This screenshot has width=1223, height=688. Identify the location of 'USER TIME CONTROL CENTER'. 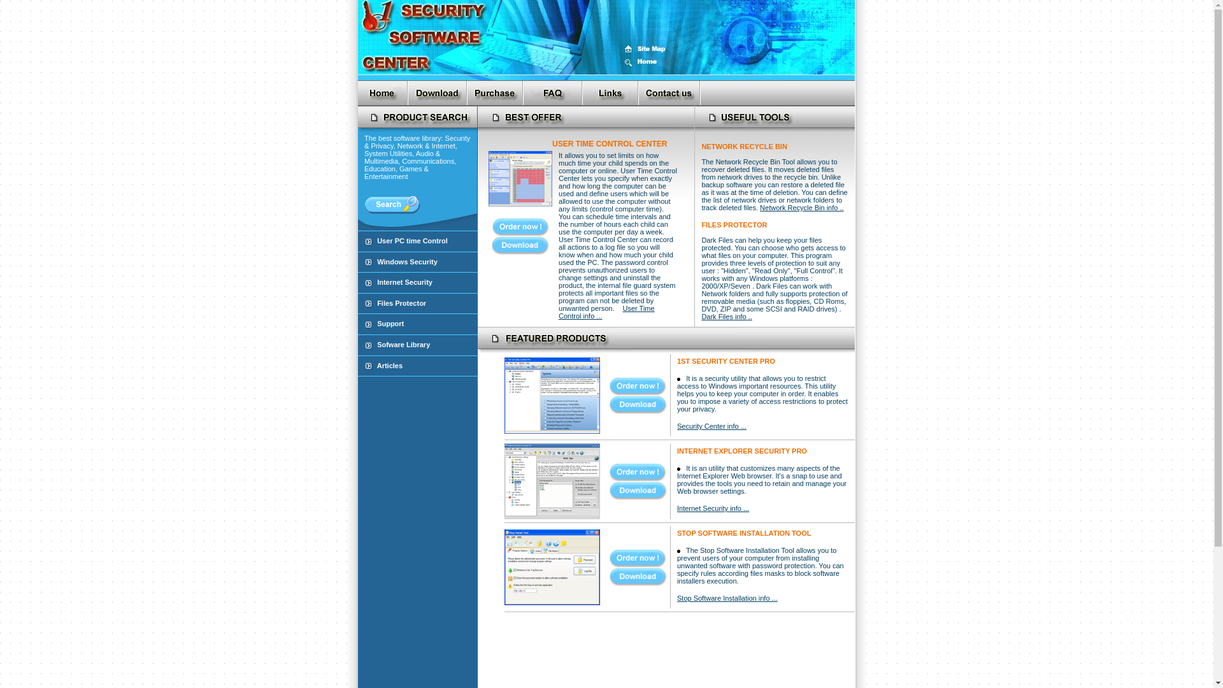
(608, 143).